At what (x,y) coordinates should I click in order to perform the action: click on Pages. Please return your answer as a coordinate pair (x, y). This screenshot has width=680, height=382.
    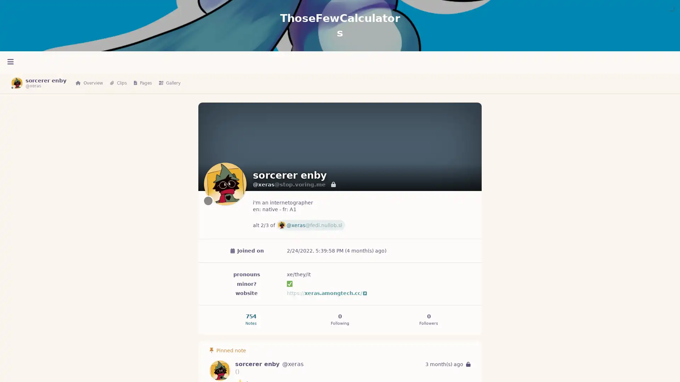
    Looking at the image, I should click on (142, 83).